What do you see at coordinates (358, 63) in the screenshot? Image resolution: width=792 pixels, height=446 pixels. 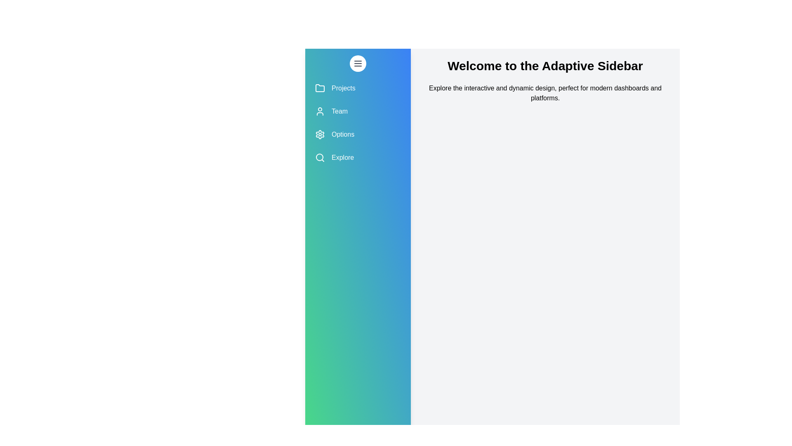 I see `toggle button to expand or collapse the sidebar` at bounding box center [358, 63].